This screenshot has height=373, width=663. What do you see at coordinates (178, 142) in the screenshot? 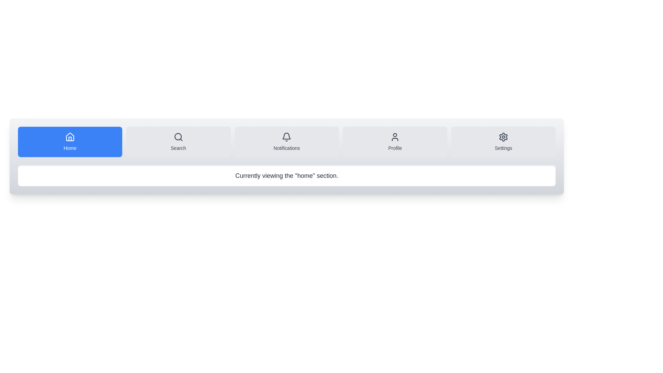
I see `the search button located in the horizontal navigation bar, which is the second item from the left, between the 'Home' and 'Notifications' buttons` at bounding box center [178, 142].